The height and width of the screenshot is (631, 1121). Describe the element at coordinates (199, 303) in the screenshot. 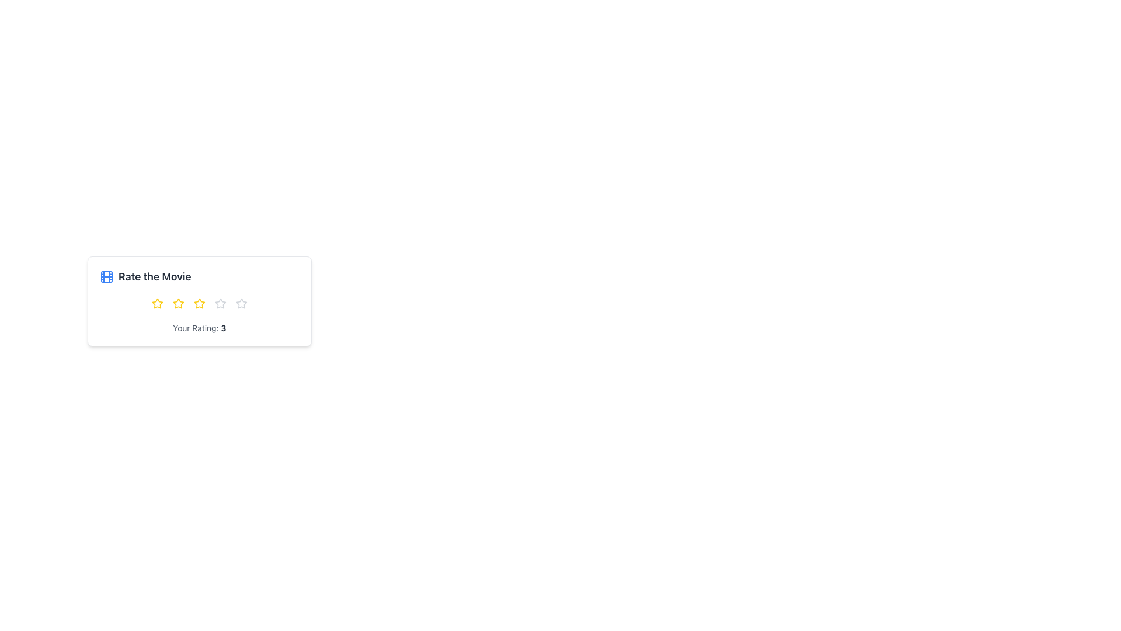

I see `the star rating control located in the 'Rate the Movie' card, specifically targeting the highlighted third star` at that location.